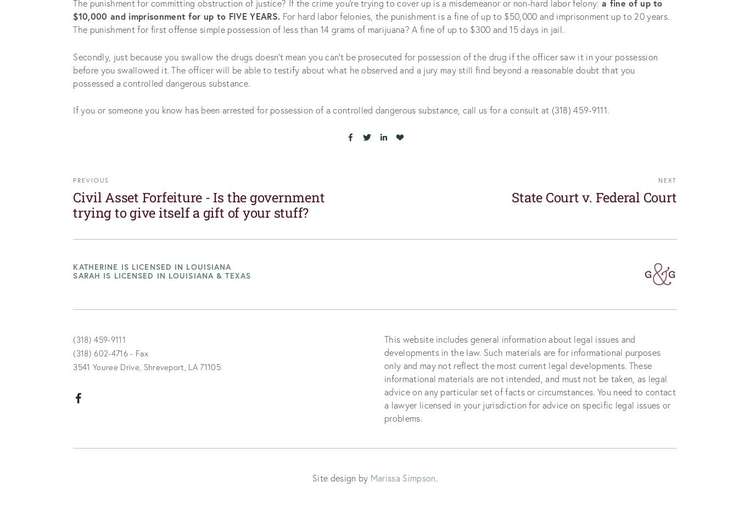 The width and height of the screenshot is (750, 505). I want to click on 'State Court v. Federal Court', so click(594, 197).